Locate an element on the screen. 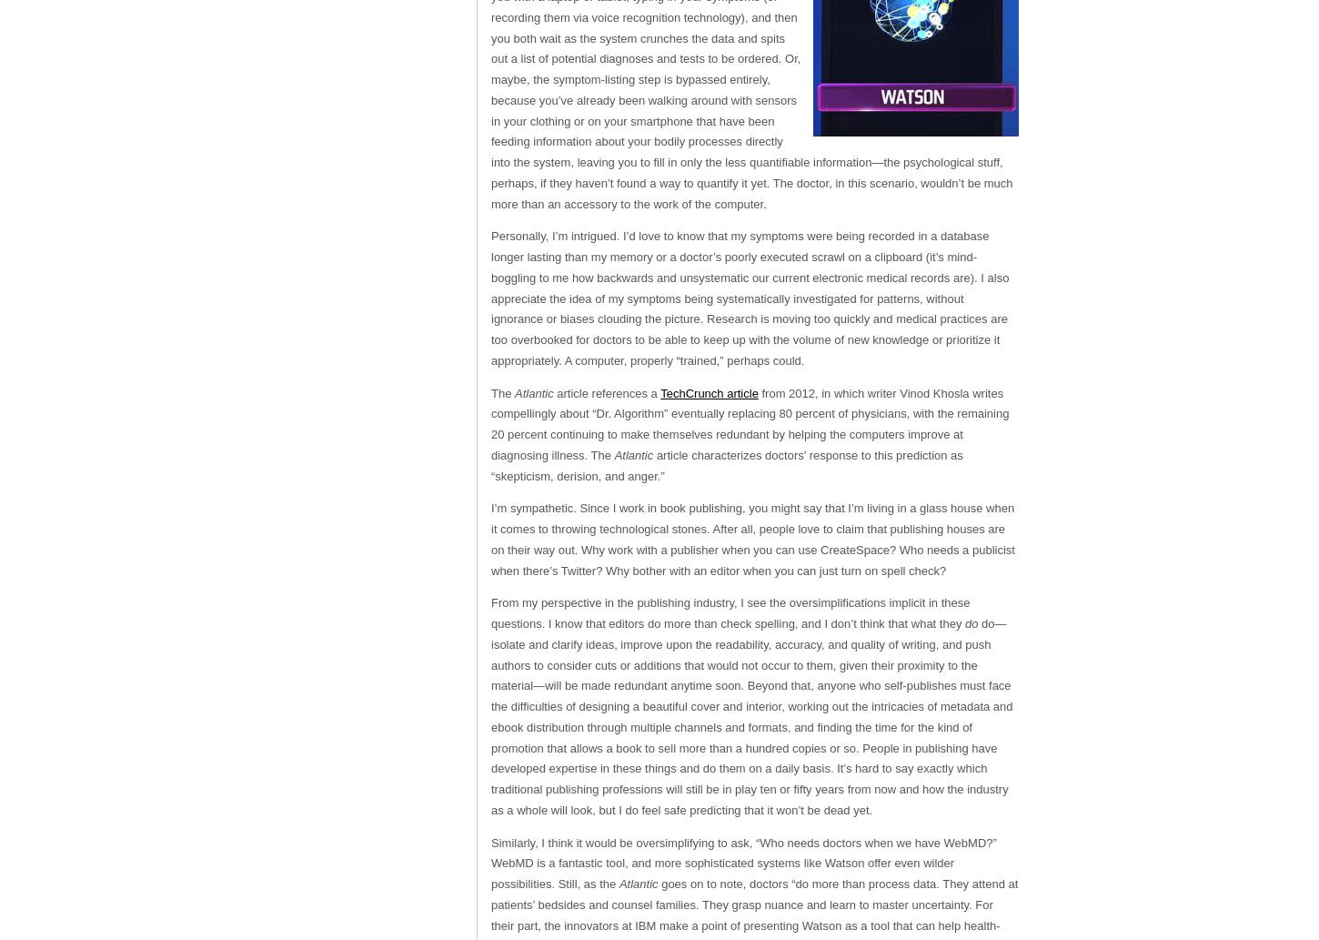 Image resolution: width=1319 pixels, height=940 pixels. 'article references a' is located at coordinates (608, 392).